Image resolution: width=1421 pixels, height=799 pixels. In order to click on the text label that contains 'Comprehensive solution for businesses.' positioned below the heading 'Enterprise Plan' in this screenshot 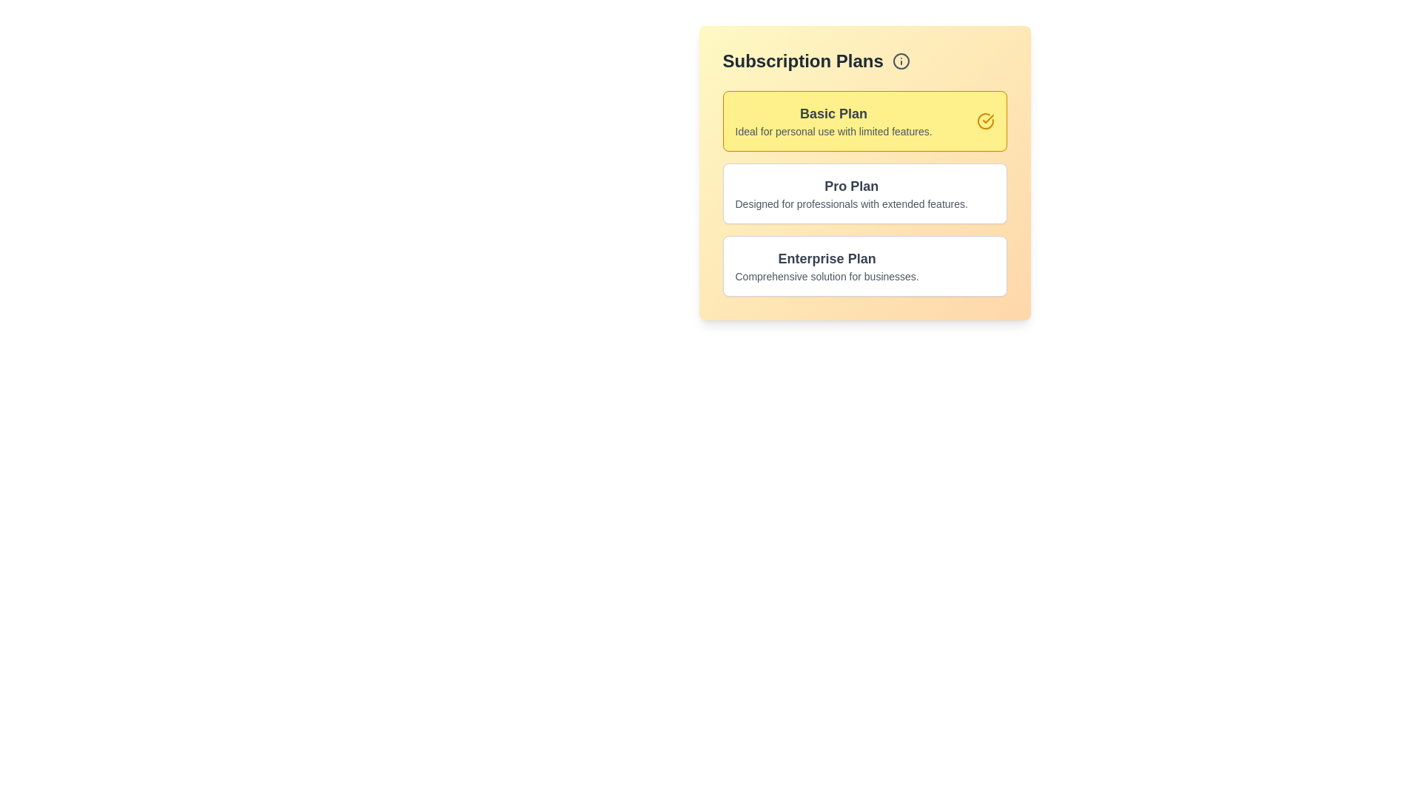, I will do `click(826, 277)`.